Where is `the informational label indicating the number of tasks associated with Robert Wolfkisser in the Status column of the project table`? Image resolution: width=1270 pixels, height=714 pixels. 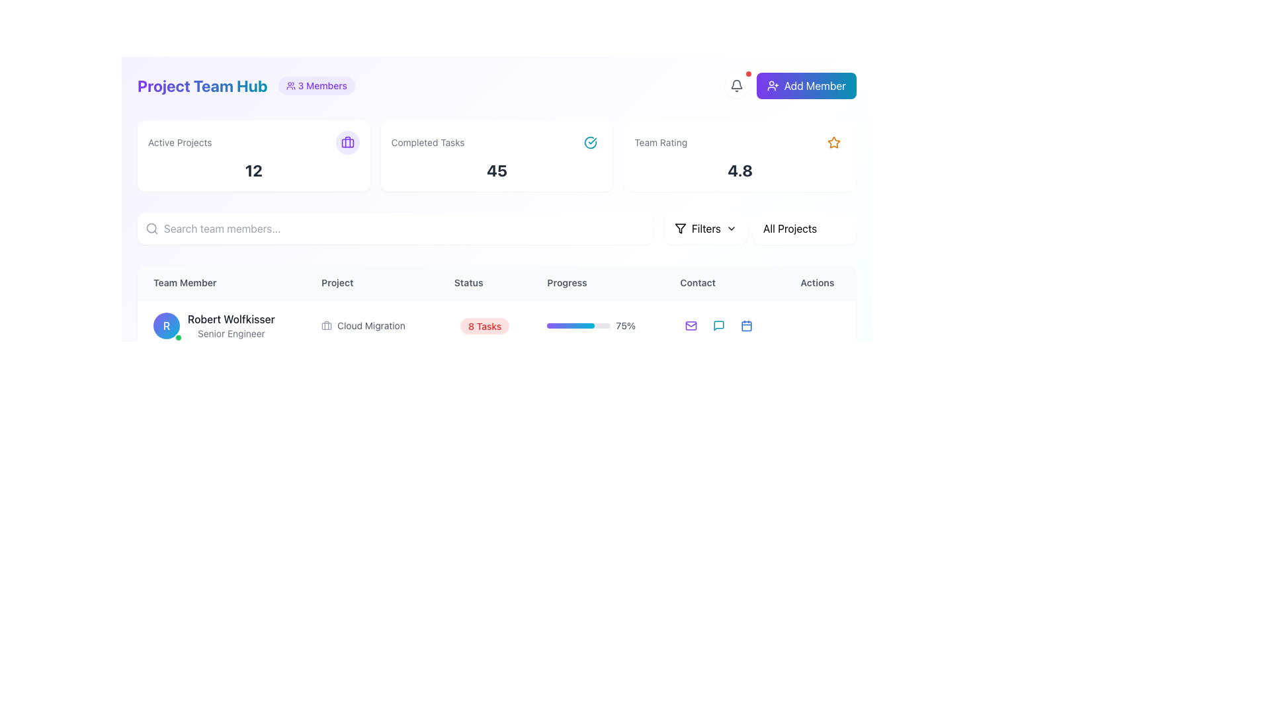
the informational label indicating the number of tasks associated with Robert Wolfkisser in the Status column of the project table is located at coordinates (484, 325).